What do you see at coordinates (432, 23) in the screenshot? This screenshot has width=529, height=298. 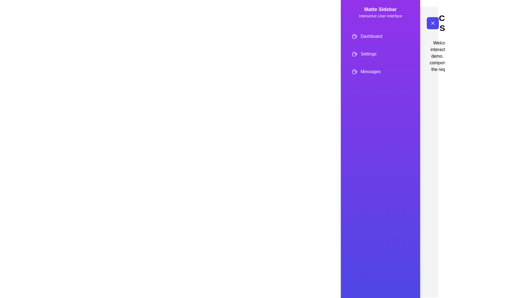 I see `the purple close button located at the top center of the sidebar` at bounding box center [432, 23].